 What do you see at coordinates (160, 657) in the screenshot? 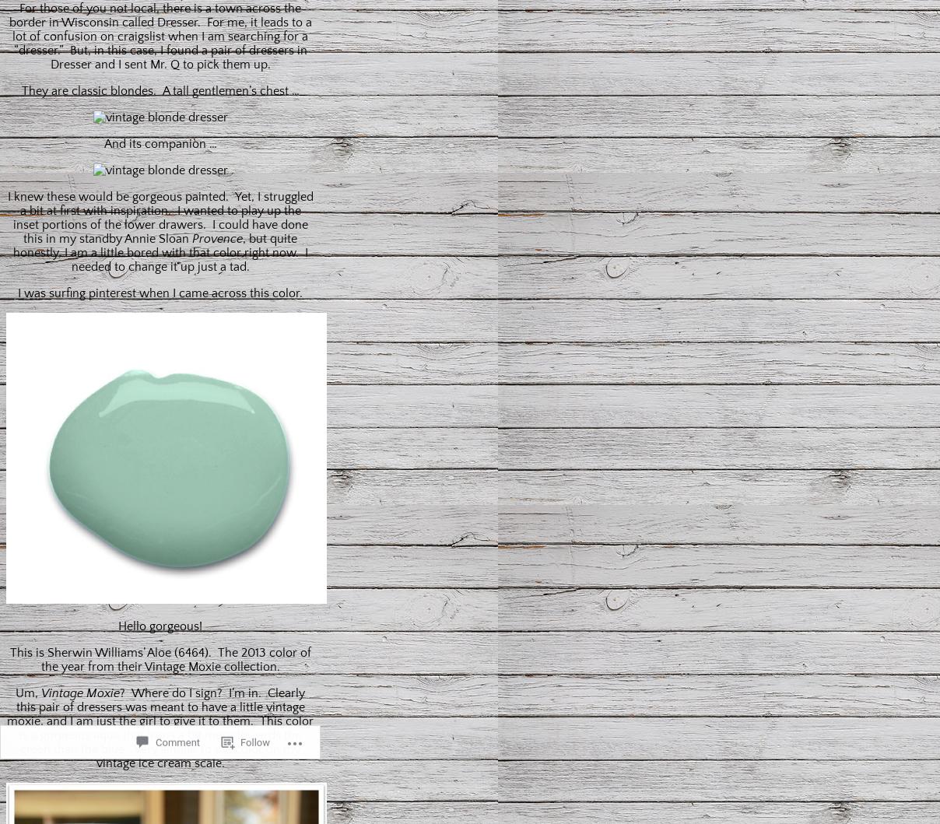
I see `'This is Sherwin Williams’ Aloe (6464).  The 2013 color of the year from their Vintage Moxie collection.'` at bounding box center [160, 657].